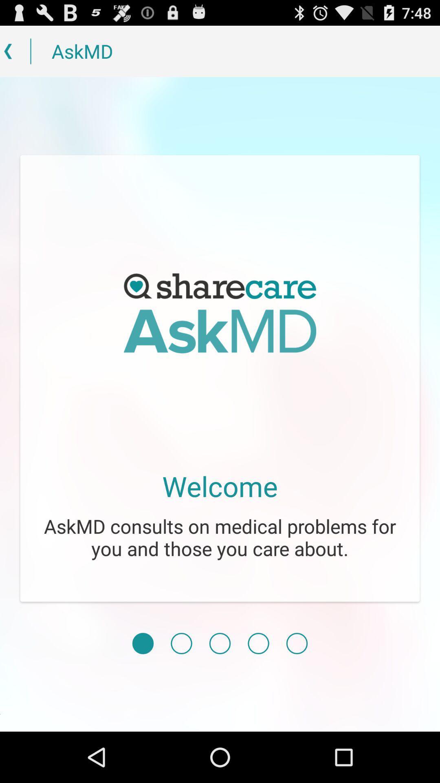  What do you see at coordinates (181, 643) in the screenshot?
I see `item below the askmd consults on item` at bounding box center [181, 643].